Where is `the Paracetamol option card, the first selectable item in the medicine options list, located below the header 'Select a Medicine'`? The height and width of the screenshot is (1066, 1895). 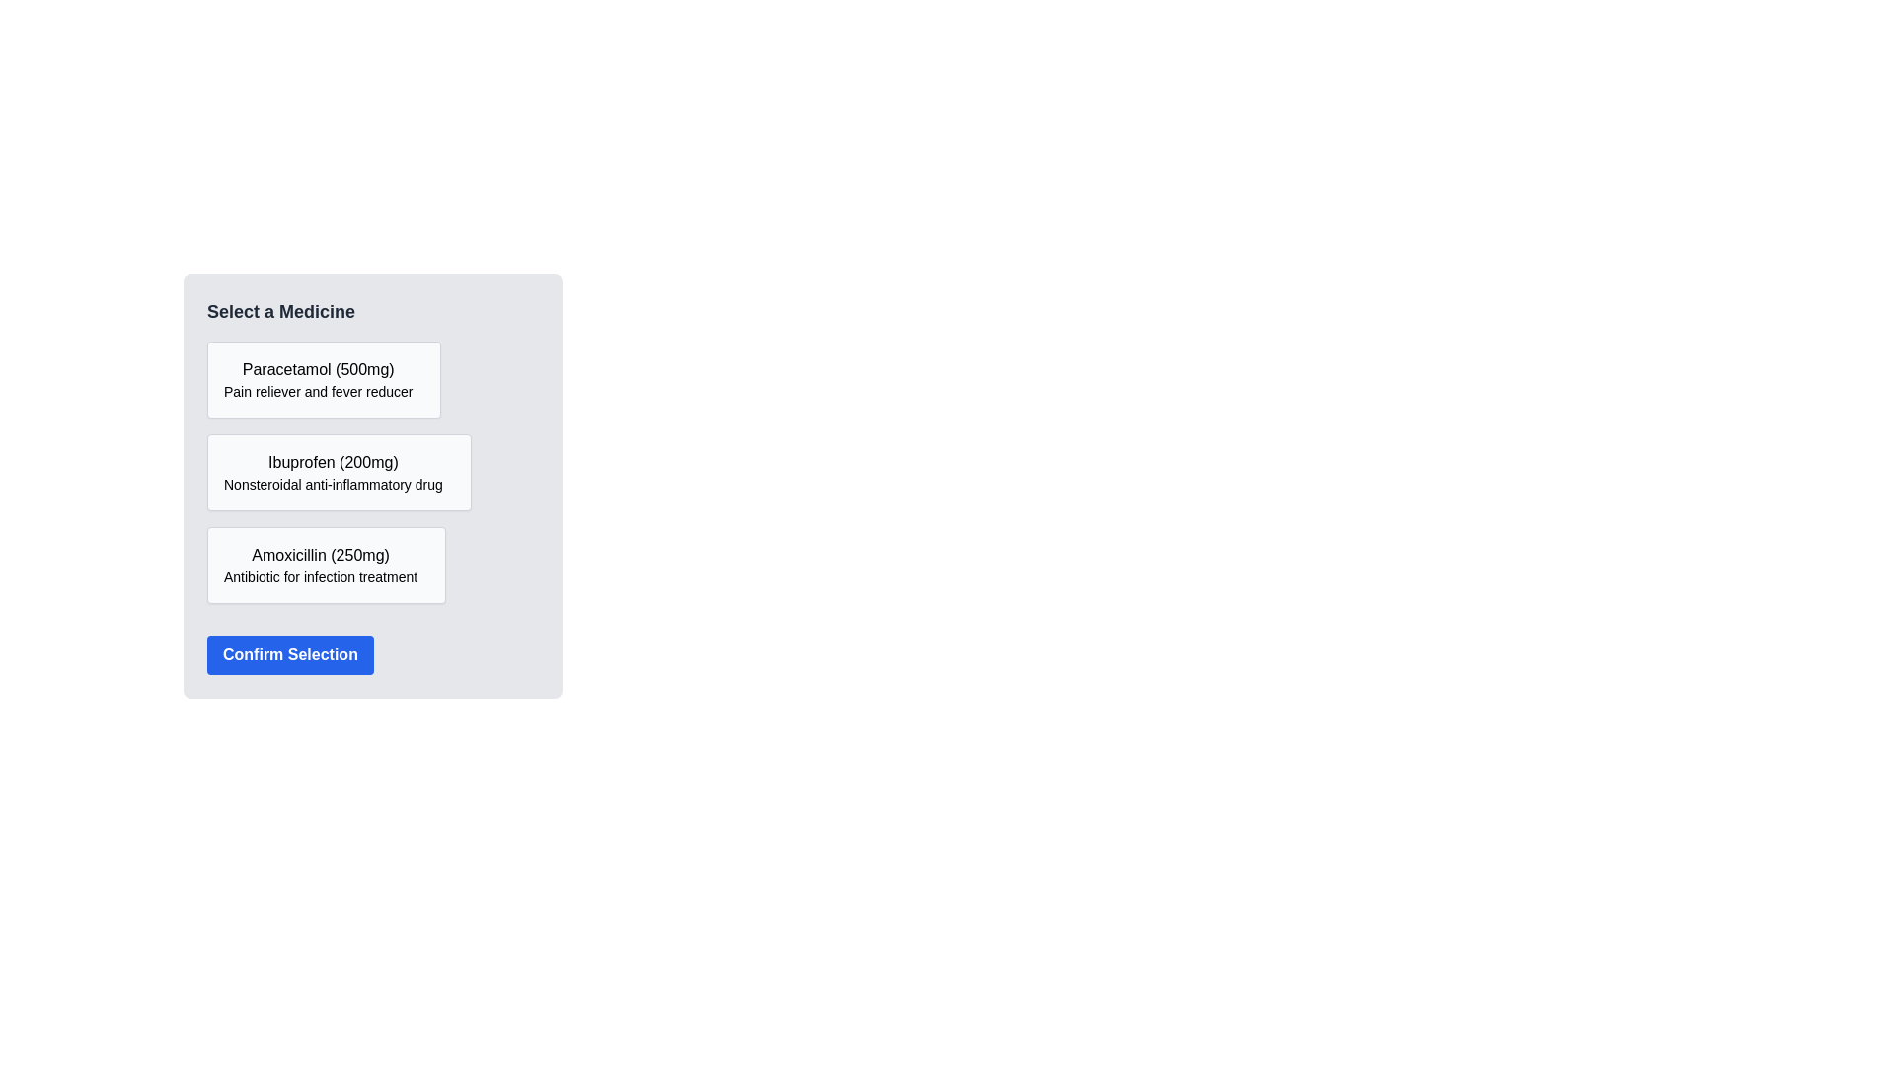 the Paracetamol option card, the first selectable item in the medicine options list, located below the header 'Select a Medicine' is located at coordinates (324, 380).